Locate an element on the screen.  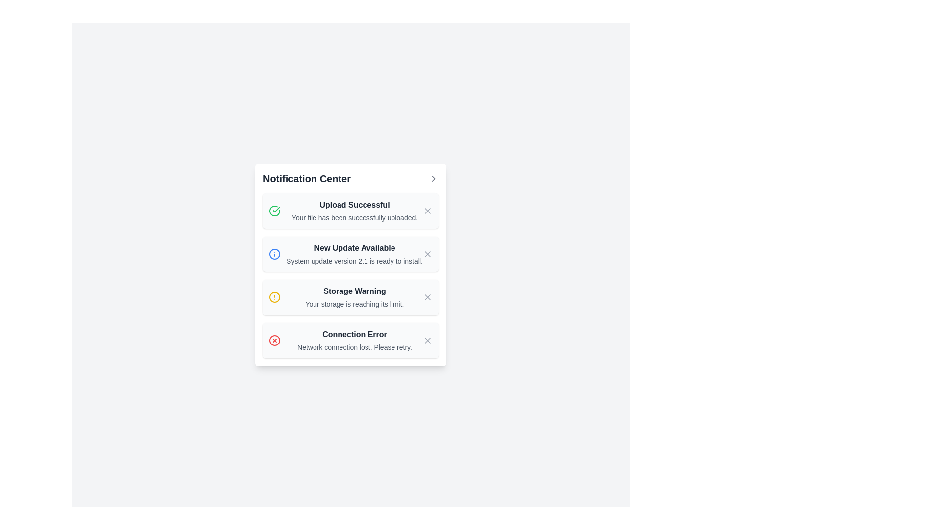
the 'Close' button icon within the 'Notification Center' is located at coordinates (427, 210).